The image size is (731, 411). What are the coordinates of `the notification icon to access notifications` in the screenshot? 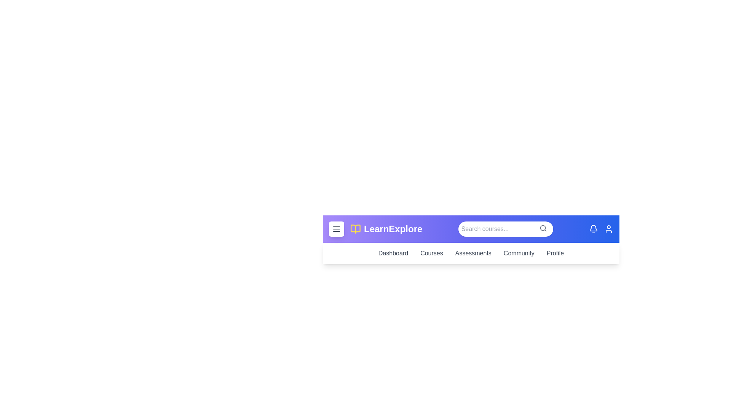 It's located at (593, 228).